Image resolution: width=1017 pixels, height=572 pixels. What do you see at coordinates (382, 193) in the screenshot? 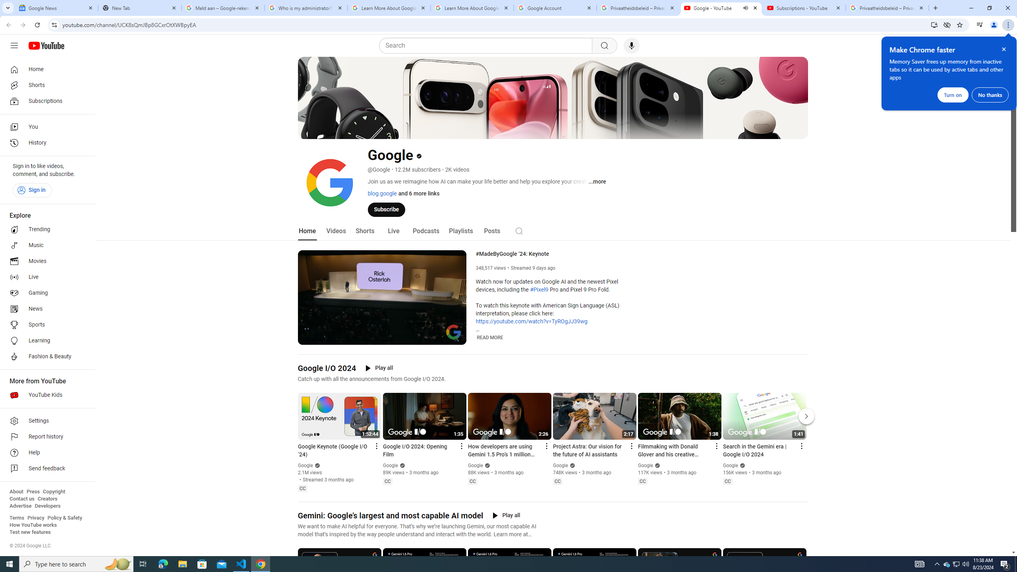
I see `'blog.google'` at bounding box center [382, 193].